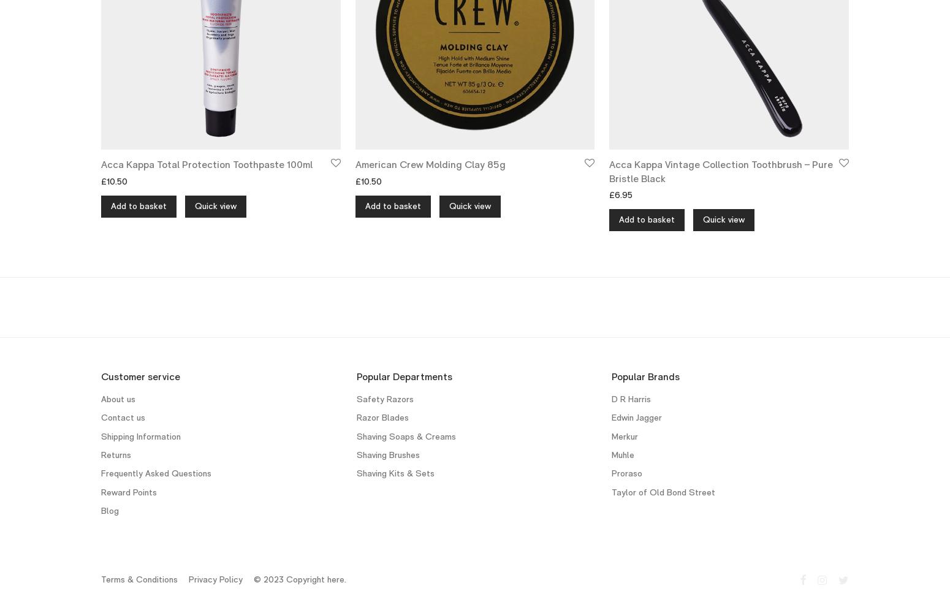 This screenshot has width=950, height=607. Describe the element at coordinates (625, 435) in the screenshot. I see `'Merkur'` at that location.